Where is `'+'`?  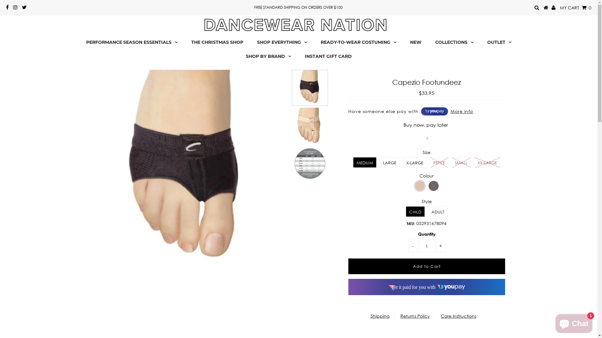 '+' is located at coordinates (436, 246).